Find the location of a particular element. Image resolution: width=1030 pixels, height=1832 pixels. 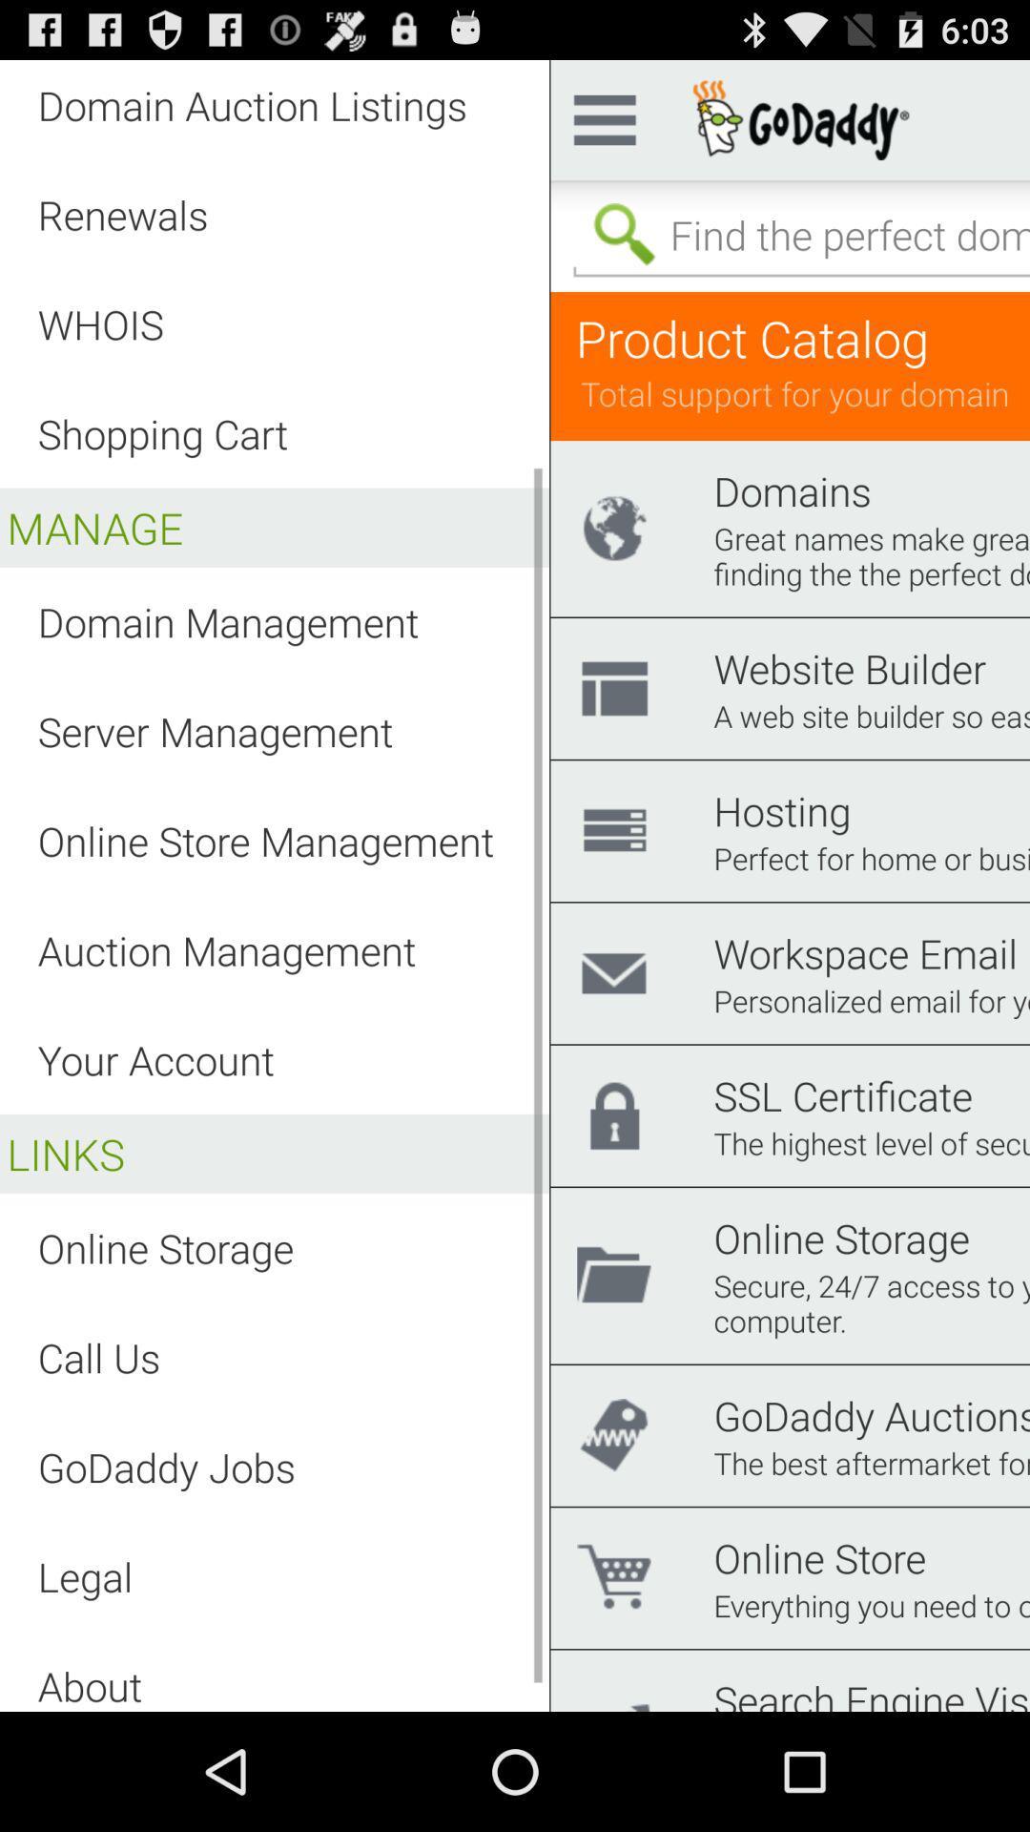

the icon above online store management is located at coordinates (215, 730).